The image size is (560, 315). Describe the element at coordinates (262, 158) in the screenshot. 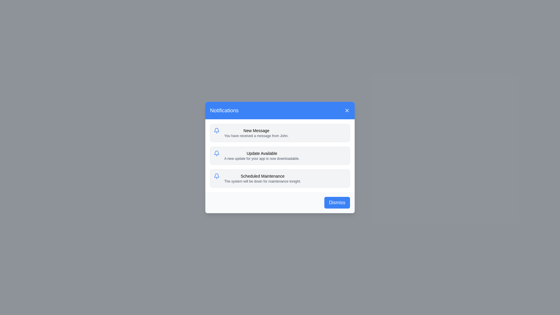

I see `the Text Label that informs the user about the availability of a new update for their application, located in the second notification card under the title 'Update Available'` at that location.